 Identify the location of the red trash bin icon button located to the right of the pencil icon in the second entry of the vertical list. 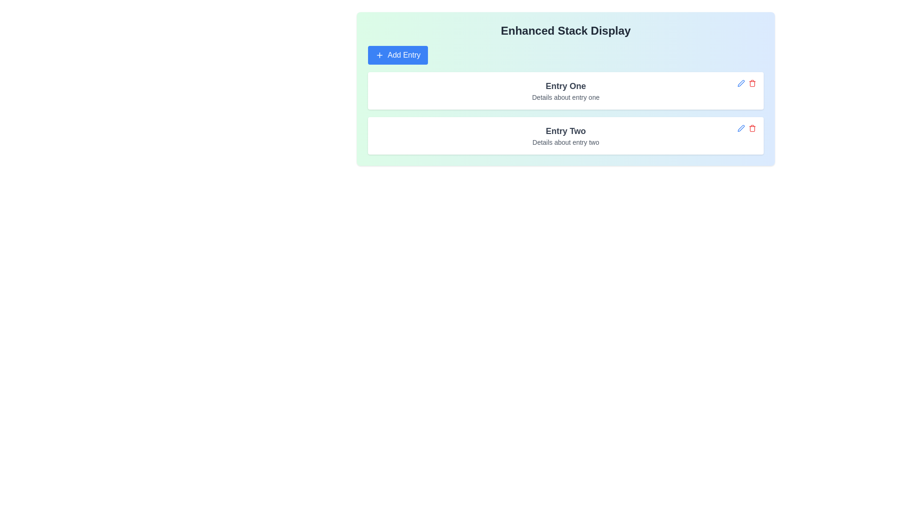
(752, 128).